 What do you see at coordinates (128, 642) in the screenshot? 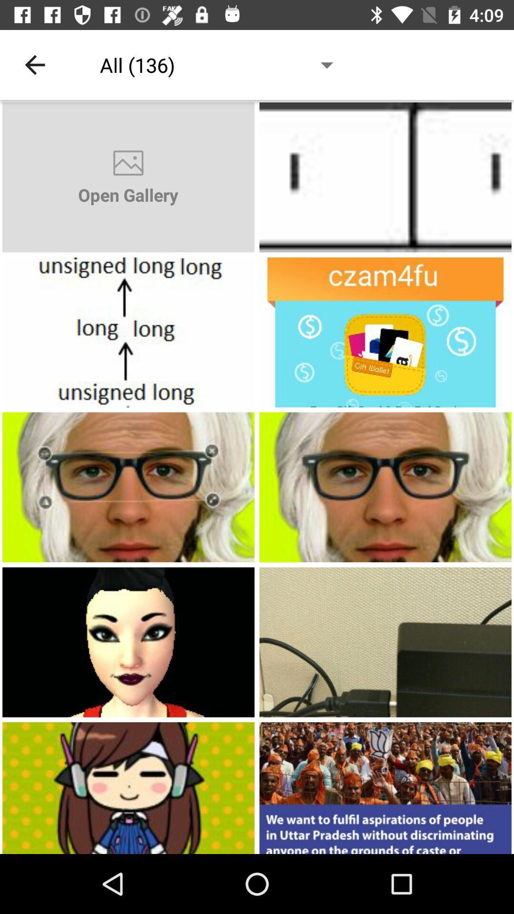
I see `open the image` at bounding box center [128, 642].